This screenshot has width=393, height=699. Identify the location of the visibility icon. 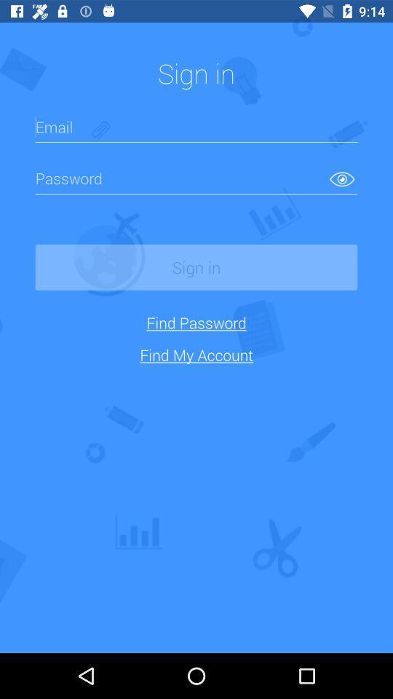
(342, 178).